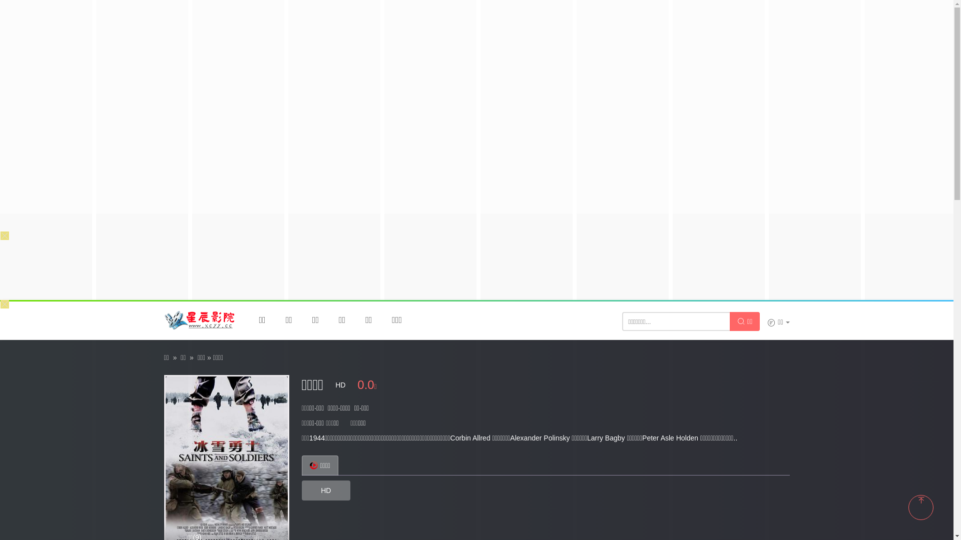 The height and width of the screenshot is (540, 961). I want to click on 'HD', so click(326, 489).